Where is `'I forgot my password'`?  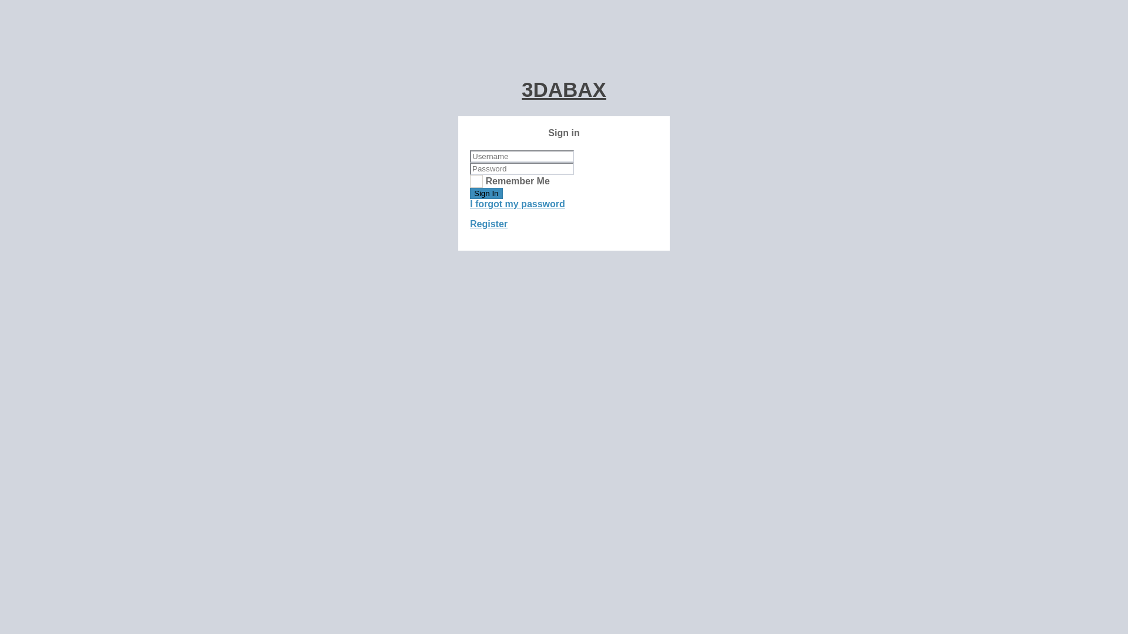
'I forgot my password' is located at coordinates (517, 203).